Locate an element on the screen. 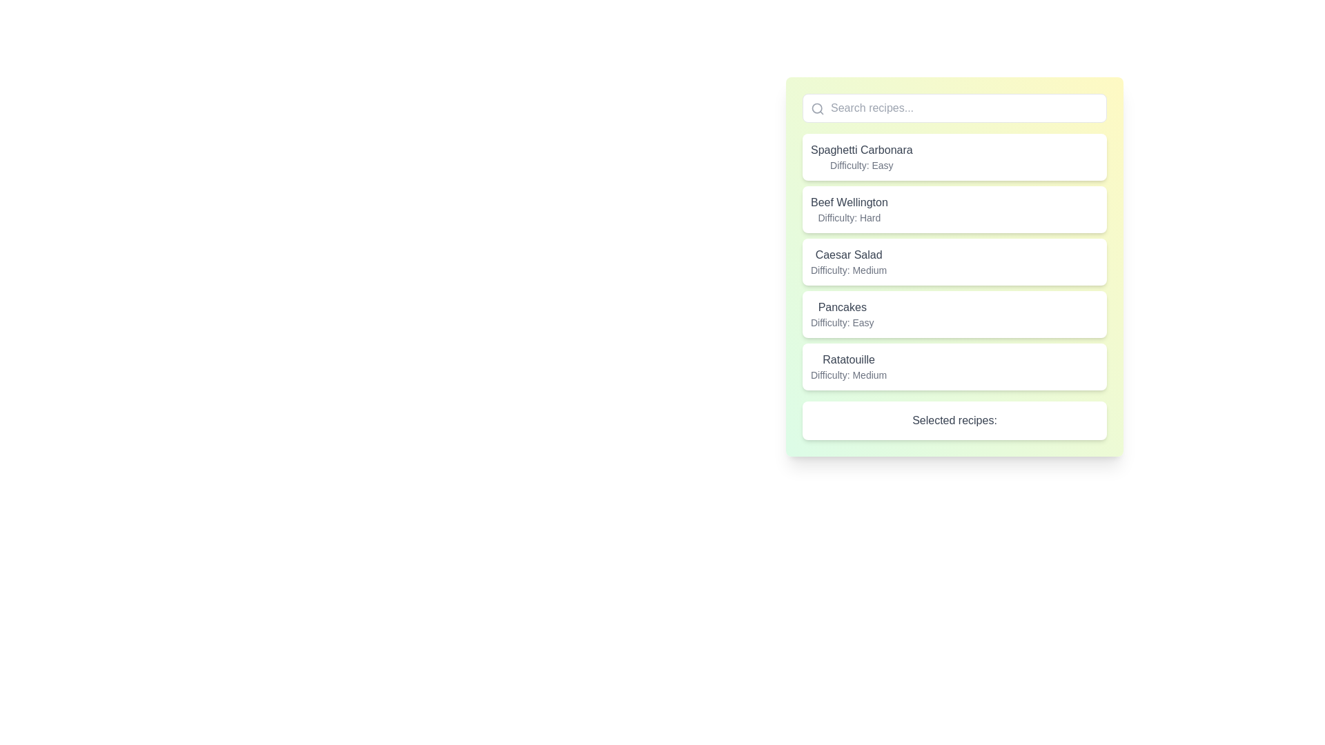  text content of the 'Beef Wellington' label, which is styled in medium font weight and gray color, located in the second position of the recipe list is located at coordinates (848, 202).